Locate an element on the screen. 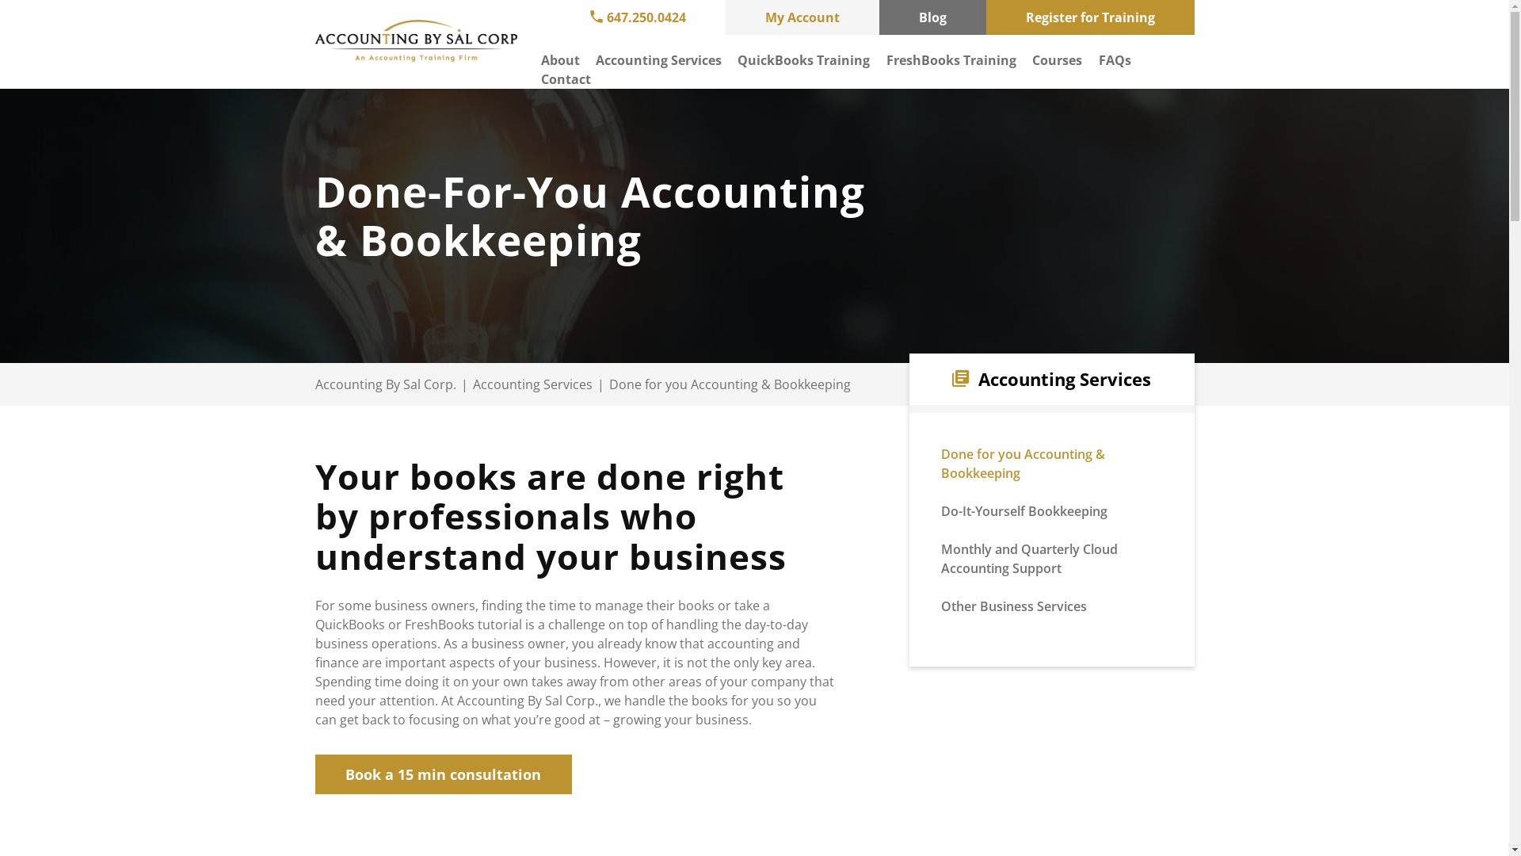 This screenshot has width=1521, height=856. 'Monthly and Quarterly Cloud Accounting Support' is located at coordinates (1029, 558).